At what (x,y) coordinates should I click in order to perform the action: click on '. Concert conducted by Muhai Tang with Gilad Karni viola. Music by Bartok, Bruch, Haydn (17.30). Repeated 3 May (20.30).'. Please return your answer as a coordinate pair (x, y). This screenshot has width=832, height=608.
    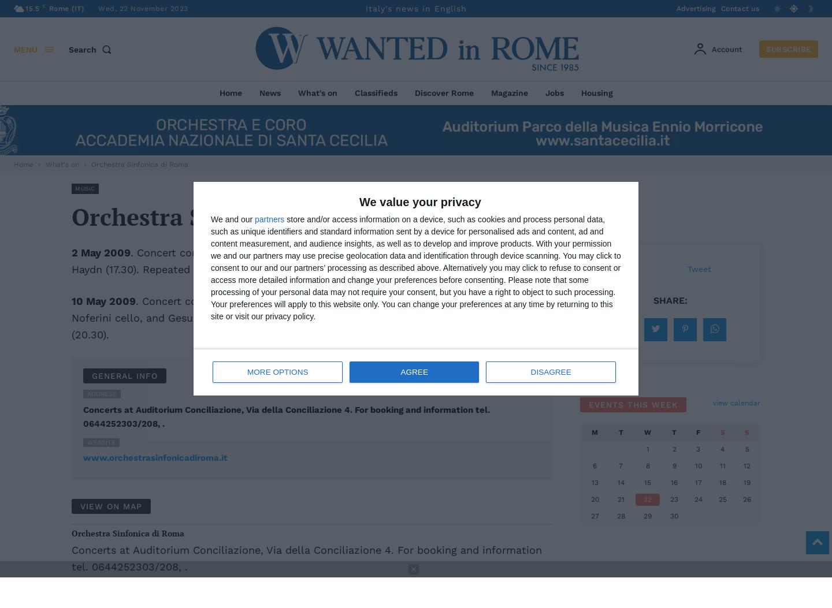
    Looking at the image, I should click on (308, 260).